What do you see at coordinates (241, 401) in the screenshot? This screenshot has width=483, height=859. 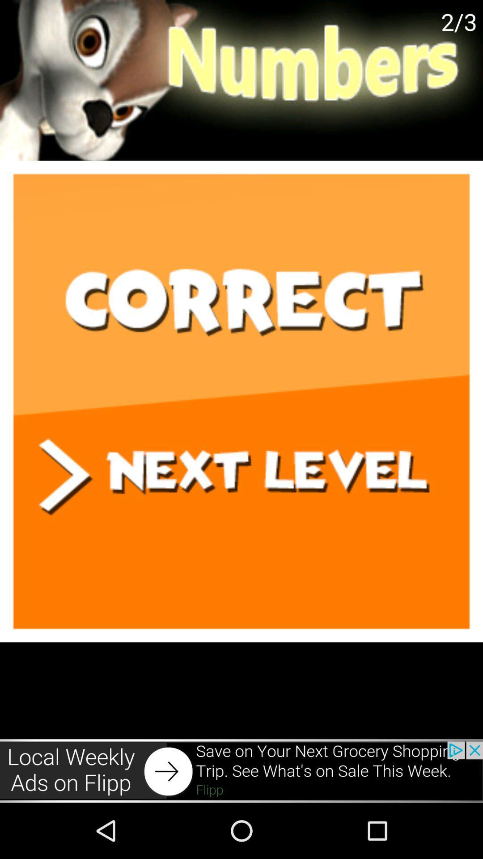 I see `next level` at bounding box center [241, 401].